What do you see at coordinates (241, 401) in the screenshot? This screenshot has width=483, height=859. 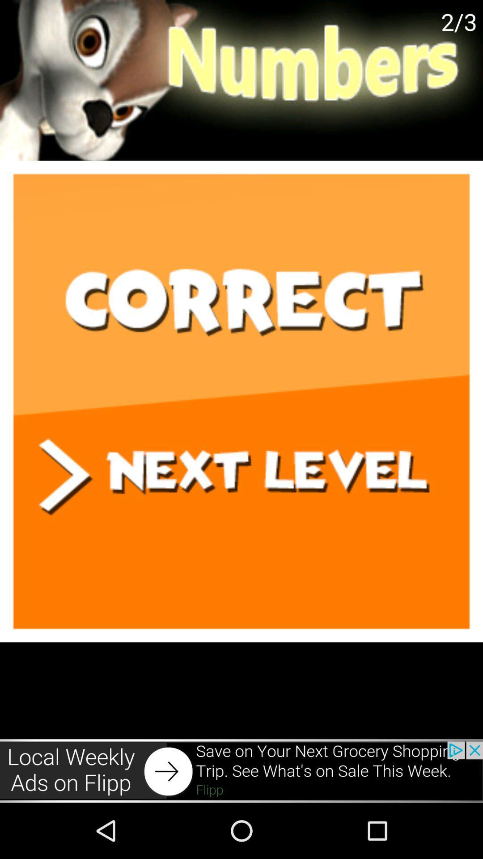 I see `next level` at bounding box center [241, 401].